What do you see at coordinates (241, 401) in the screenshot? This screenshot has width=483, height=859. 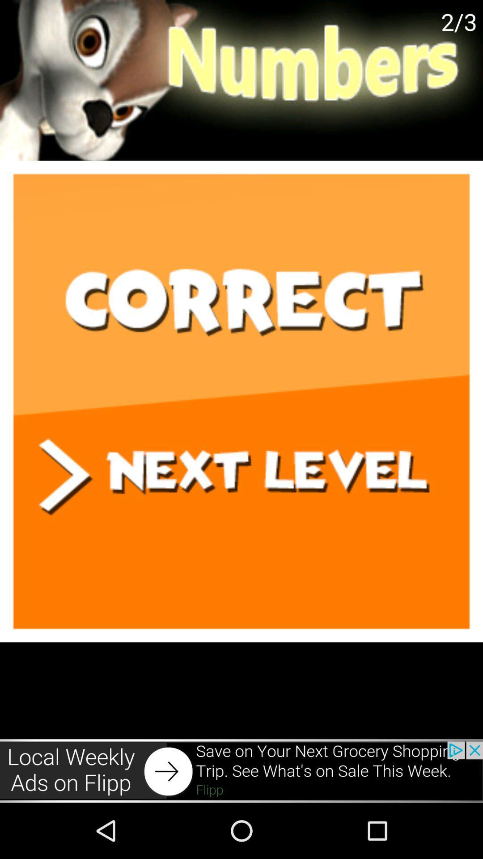 I see `next level` at bounding box center [241, 401].